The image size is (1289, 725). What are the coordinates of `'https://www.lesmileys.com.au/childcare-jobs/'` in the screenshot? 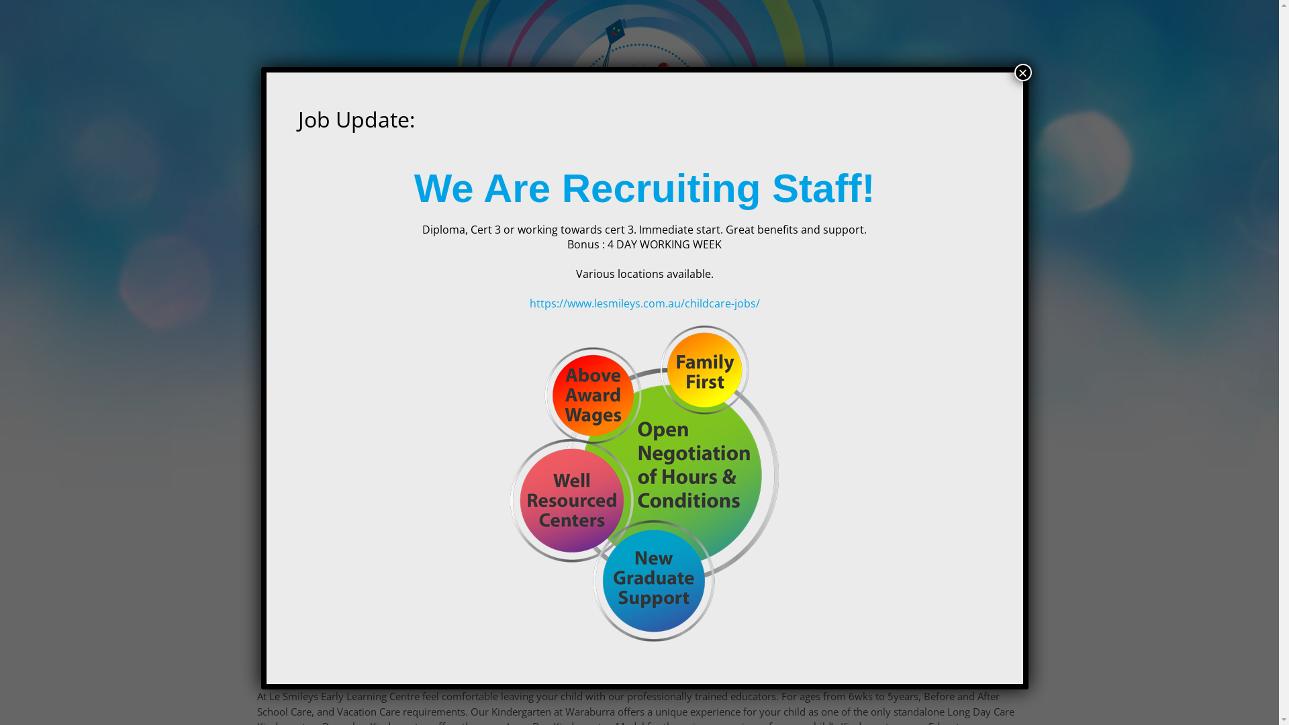 It's located at (643, 303).